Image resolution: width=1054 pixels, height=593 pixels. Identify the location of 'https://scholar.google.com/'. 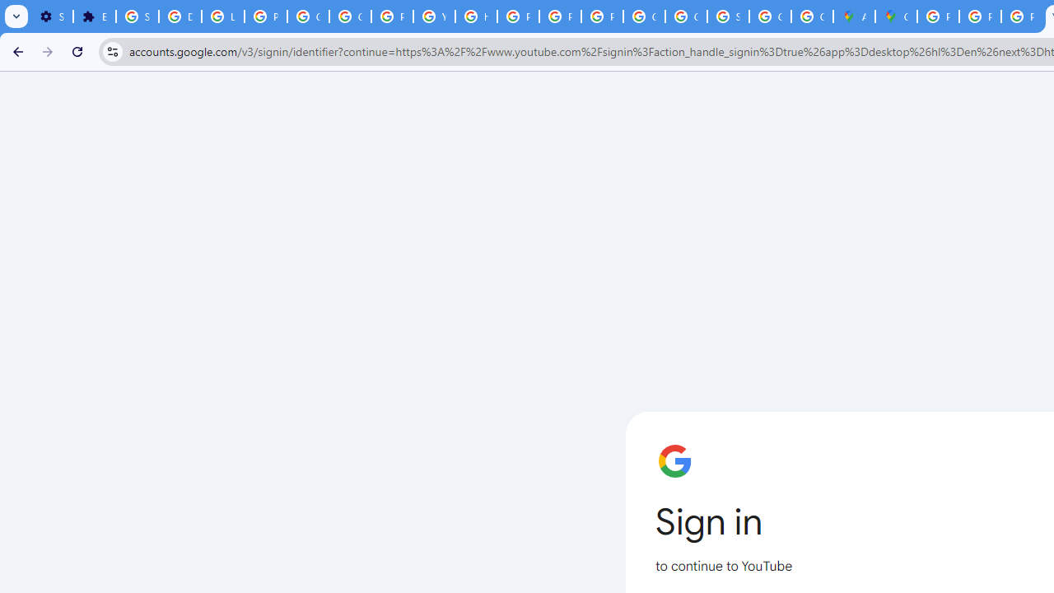
(475, 16).